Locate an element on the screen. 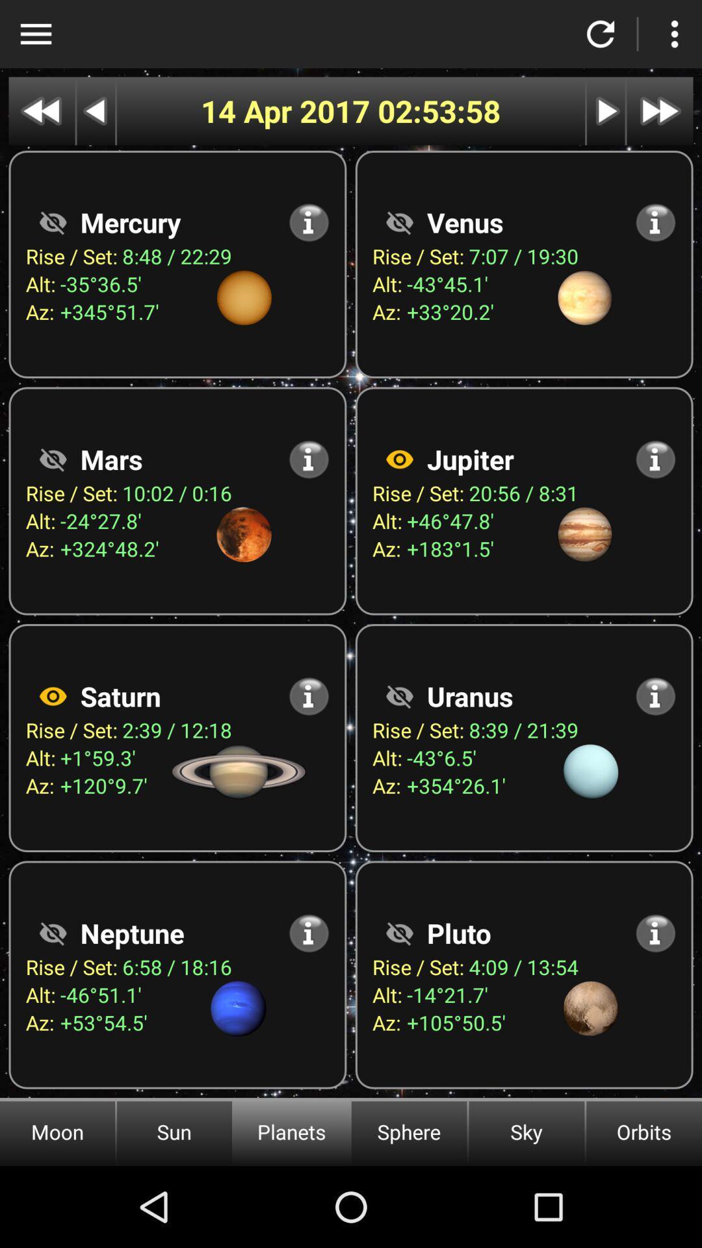 The height and width of the screenshot is (1248, 702). the info icon is located at coordinates (309, 932).